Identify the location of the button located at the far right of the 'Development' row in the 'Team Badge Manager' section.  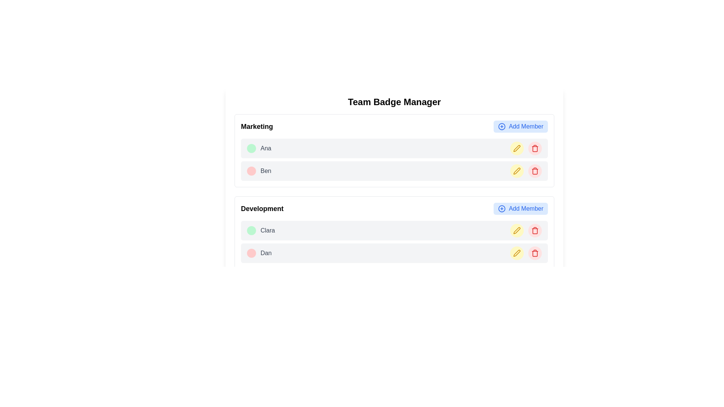
(520, 209).